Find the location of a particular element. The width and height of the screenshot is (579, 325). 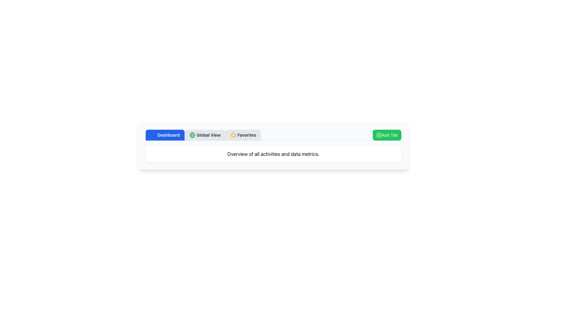

the text label within the green button located at the top right of the interface, which allows users to add a new tab or functionality is located at coordinates (389, 135).